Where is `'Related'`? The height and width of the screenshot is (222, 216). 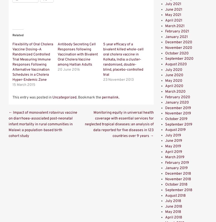 'Related' is located at coordinates (18, 35).